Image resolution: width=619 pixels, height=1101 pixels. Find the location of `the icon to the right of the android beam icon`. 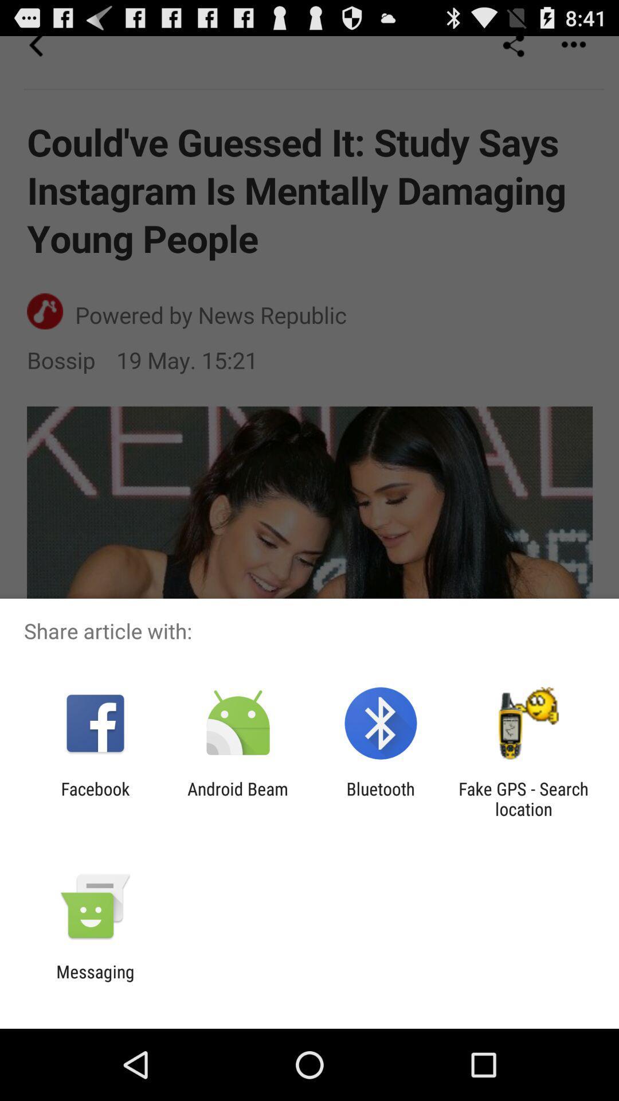

the icon to the right of the android beam icon is located at coordinates (381, 798).